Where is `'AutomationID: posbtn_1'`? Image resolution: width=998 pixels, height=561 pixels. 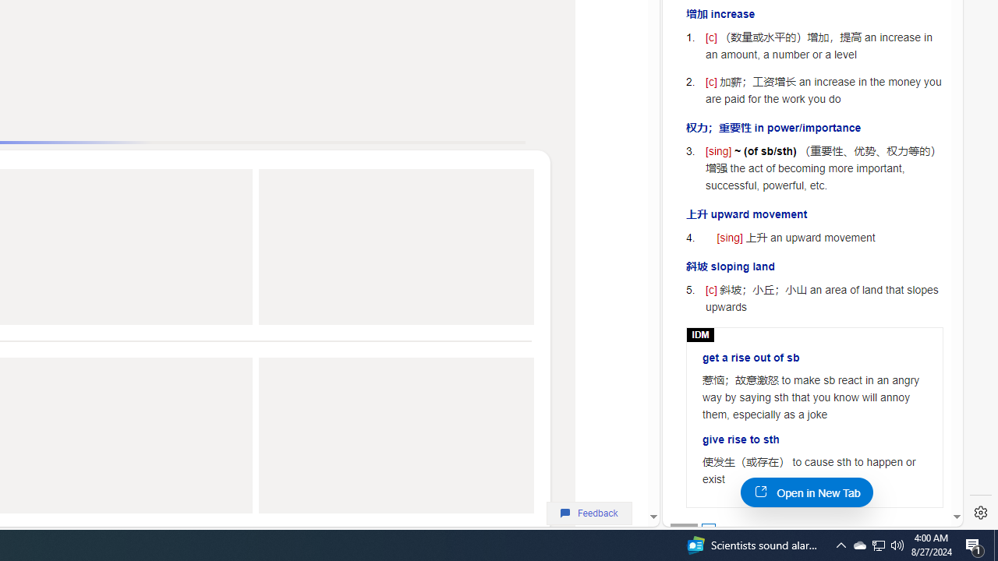 'AutomationID: posbtn_1' is located at coordinates (707, 529).